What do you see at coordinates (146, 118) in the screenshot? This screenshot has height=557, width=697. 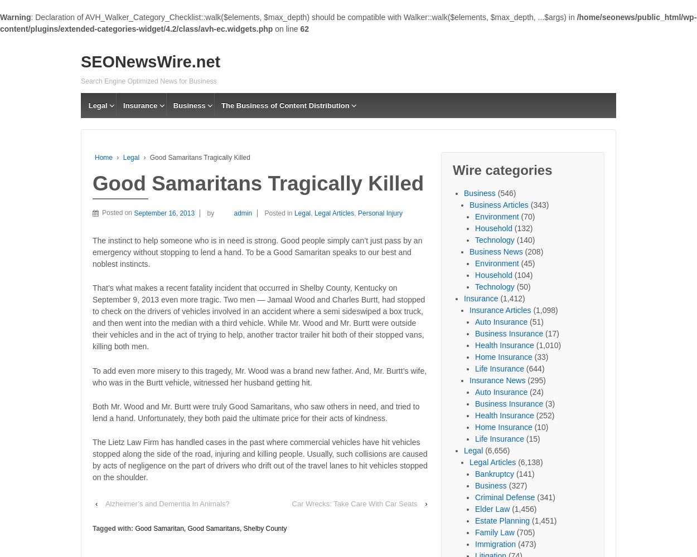 I see `'Insurance News'` at bounding box center [146, 118].